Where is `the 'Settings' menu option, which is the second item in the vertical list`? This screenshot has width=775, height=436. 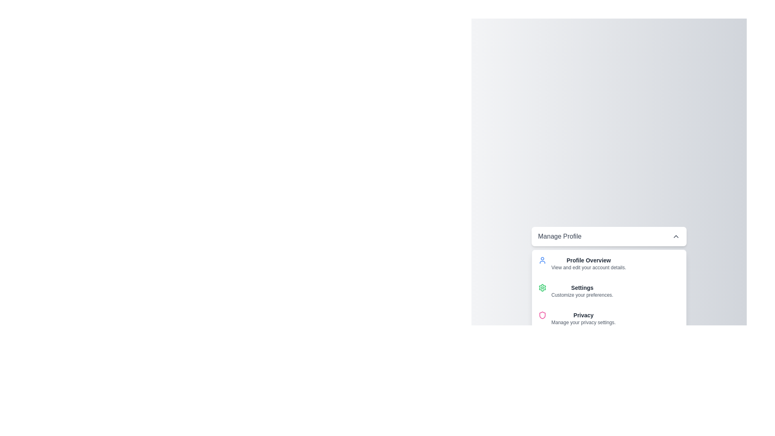 the 'Settings' menu option, which is the second item in the vertical list is located at coordinates (609, 291).